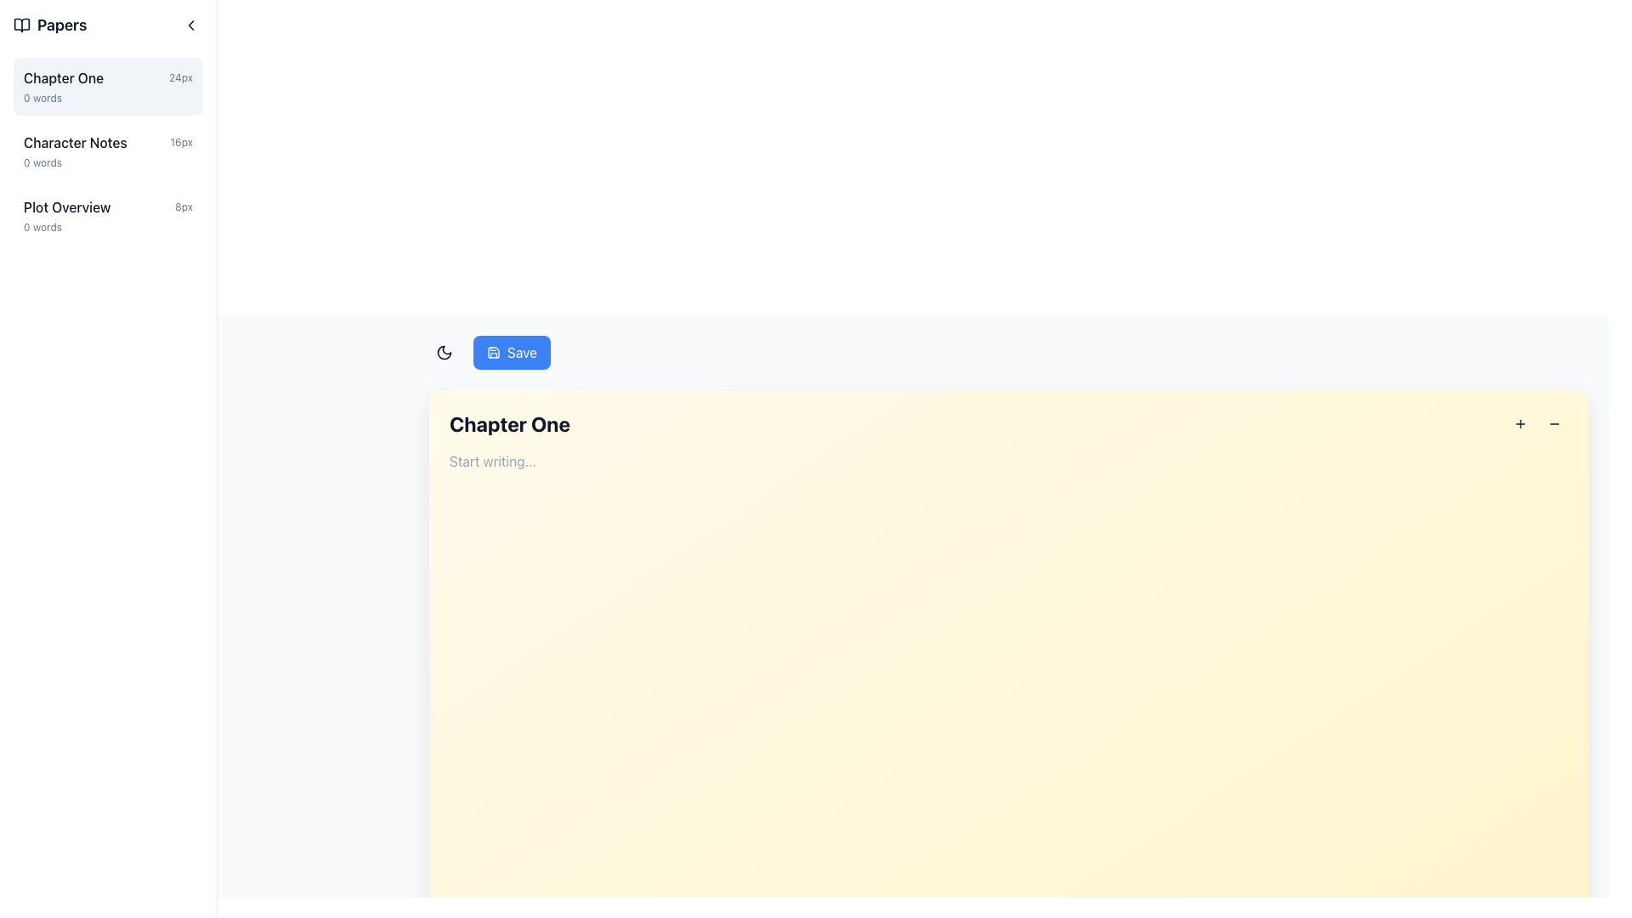  What do you see at coordinates (21, 25) in the screenshot?
I see `the 'Papers' icon located at the top-left corner of the user interface, adjacent to the text label 'Papers'` at bounding box center [21, 25].